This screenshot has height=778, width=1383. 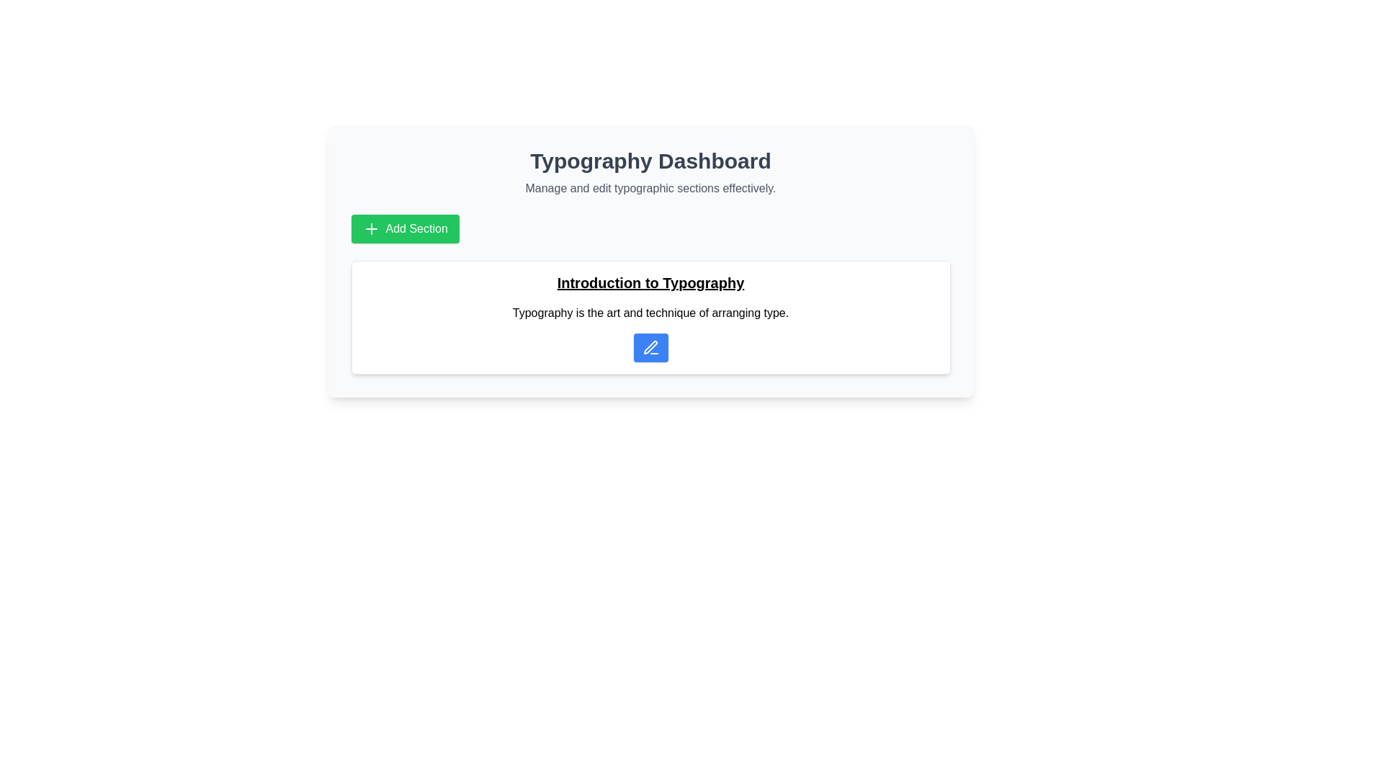 I want to click on the green 'Add Section' button with rounded corners located beneath the subtitle 'Manage and edit typographic sections effectively', so click(x=404, y=228).